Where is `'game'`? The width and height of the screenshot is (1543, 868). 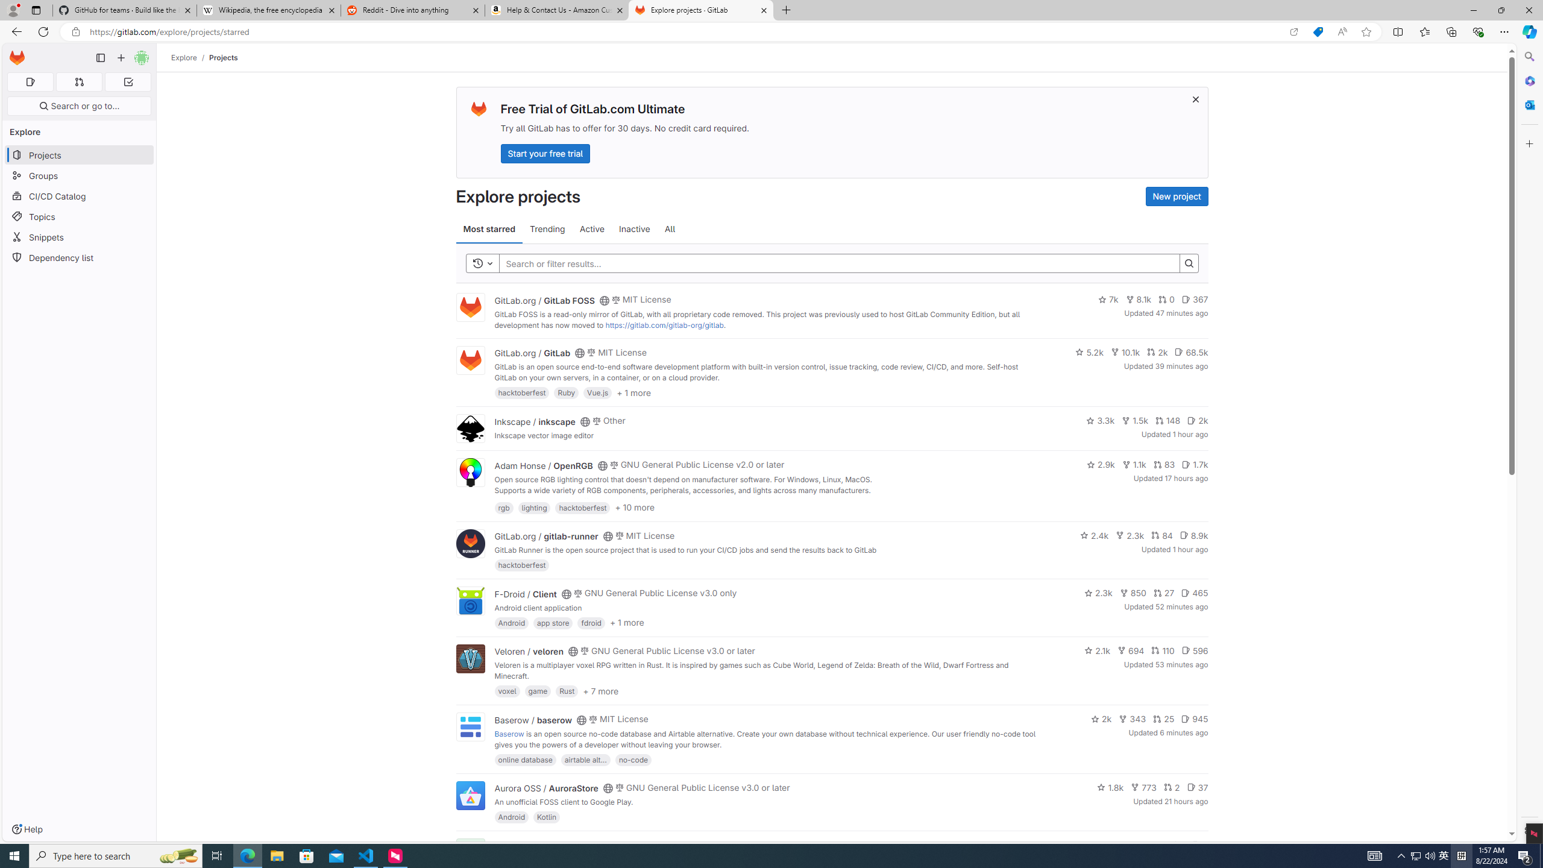 'game' is located at coordinates (538, 690).